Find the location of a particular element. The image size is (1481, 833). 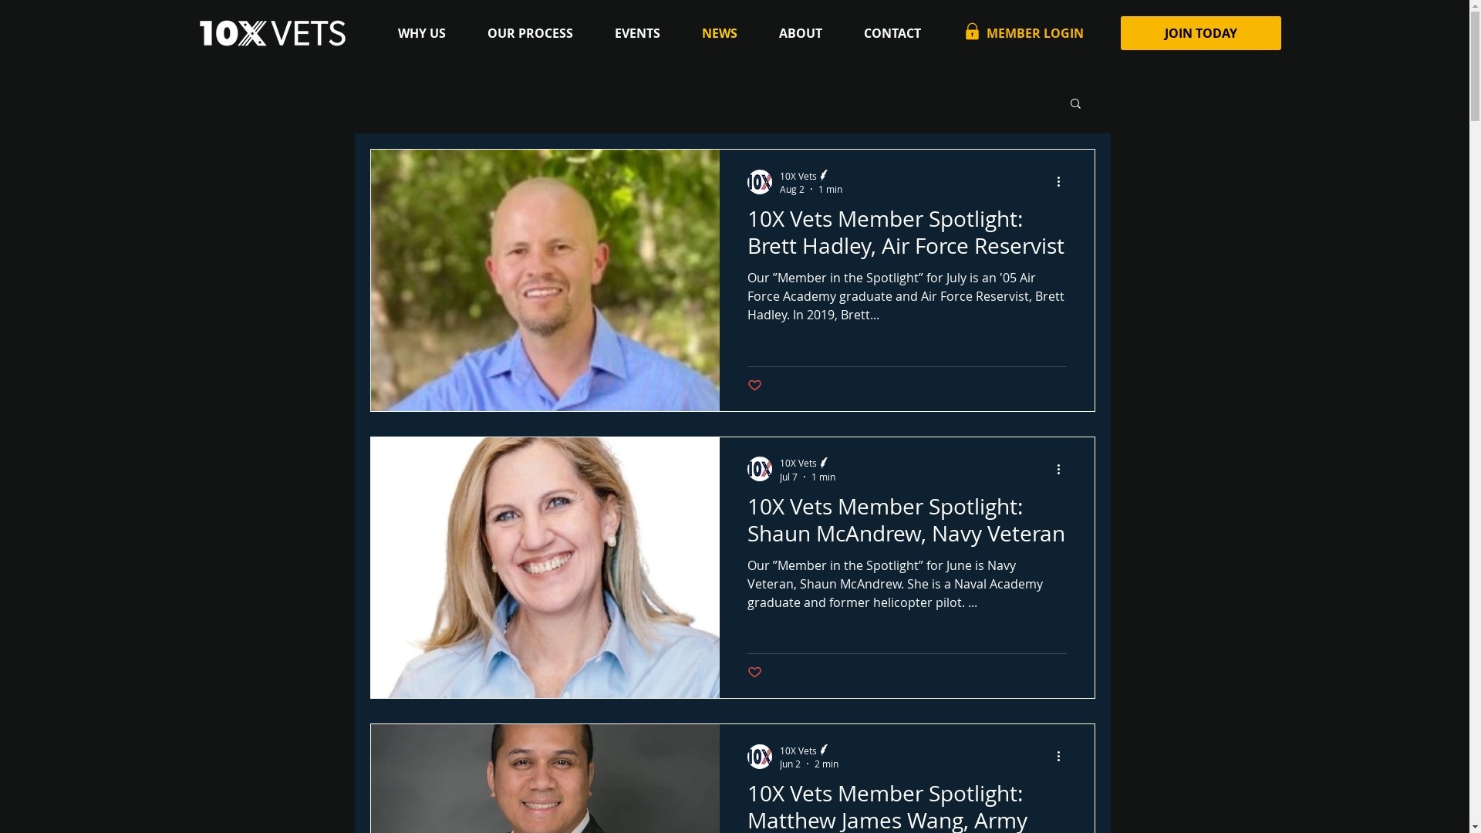

'MEMBER LOGIN' is located at coordinates (1030, 32).